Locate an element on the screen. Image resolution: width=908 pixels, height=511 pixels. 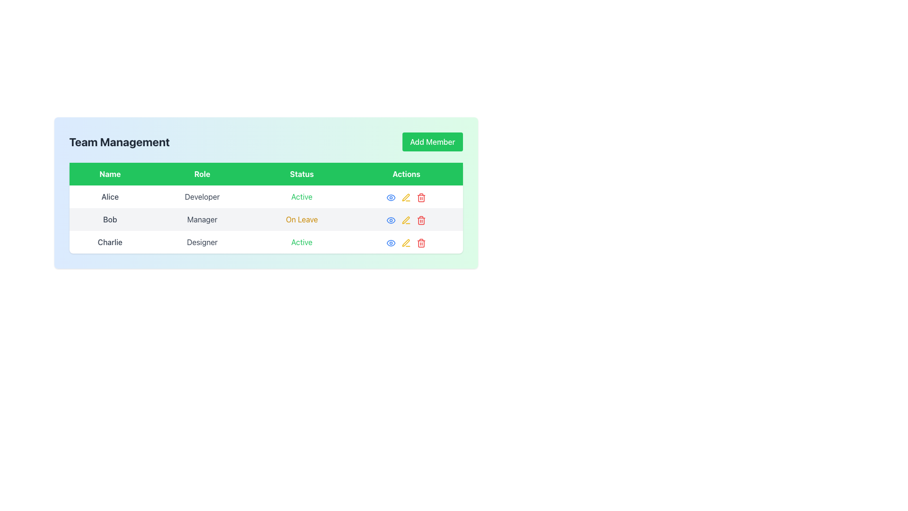
the icon in the 'Actions' column of the second row in the table corresponding to 'Bob' is located at coordinates (391, 220).